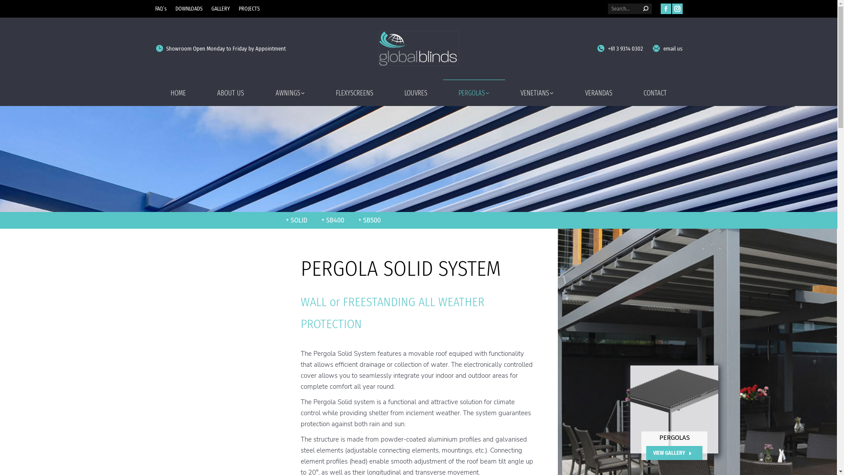 The width and height of the screenshot is (844, 475). Describe the element at coordinates (354, 92) in the screenshot. I see `'FLEXYSCREENS'` at that location.